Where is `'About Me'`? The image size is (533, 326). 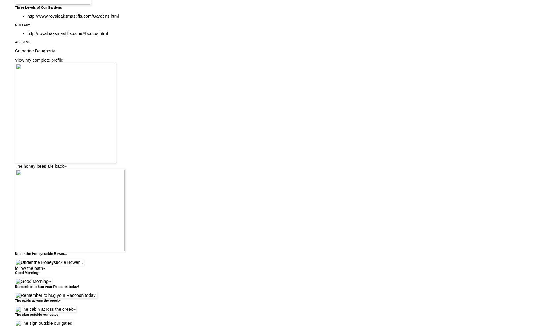 'About Me' is located at coordinates (15, 41).